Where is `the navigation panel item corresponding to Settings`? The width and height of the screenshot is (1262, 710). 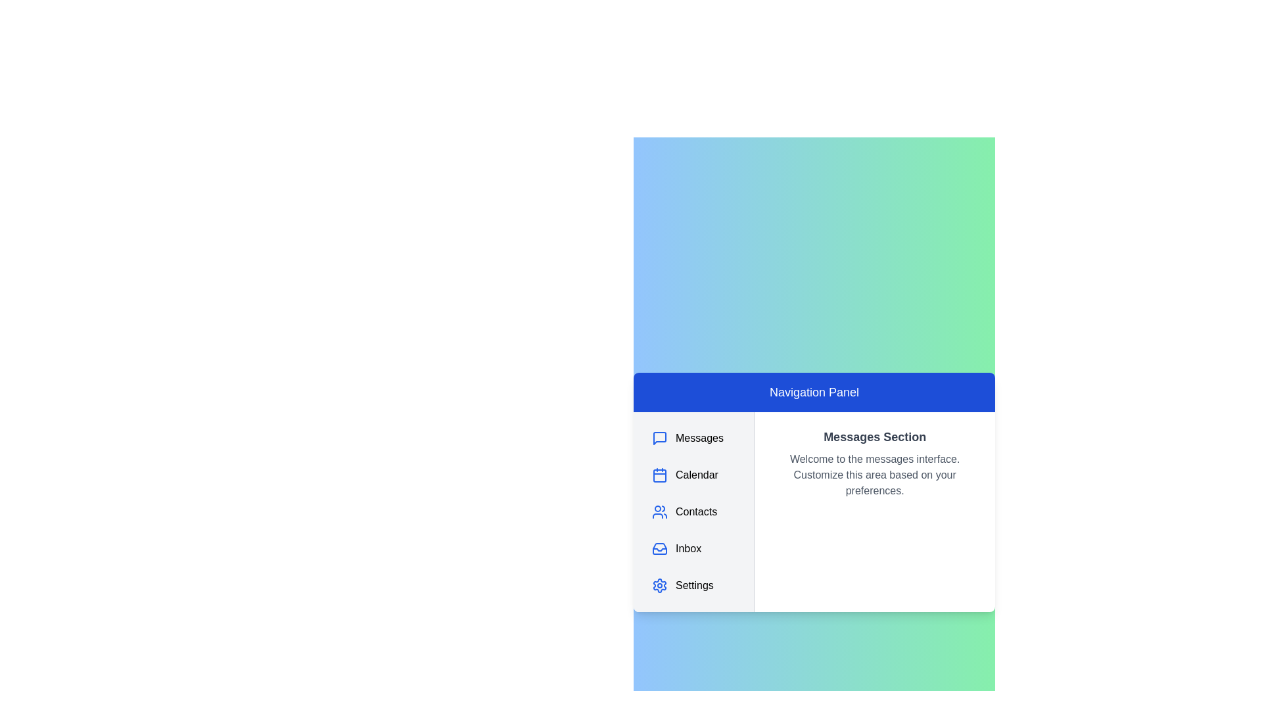
the navigation panel item corresponding to Settings is located at coordinates (693, 585).